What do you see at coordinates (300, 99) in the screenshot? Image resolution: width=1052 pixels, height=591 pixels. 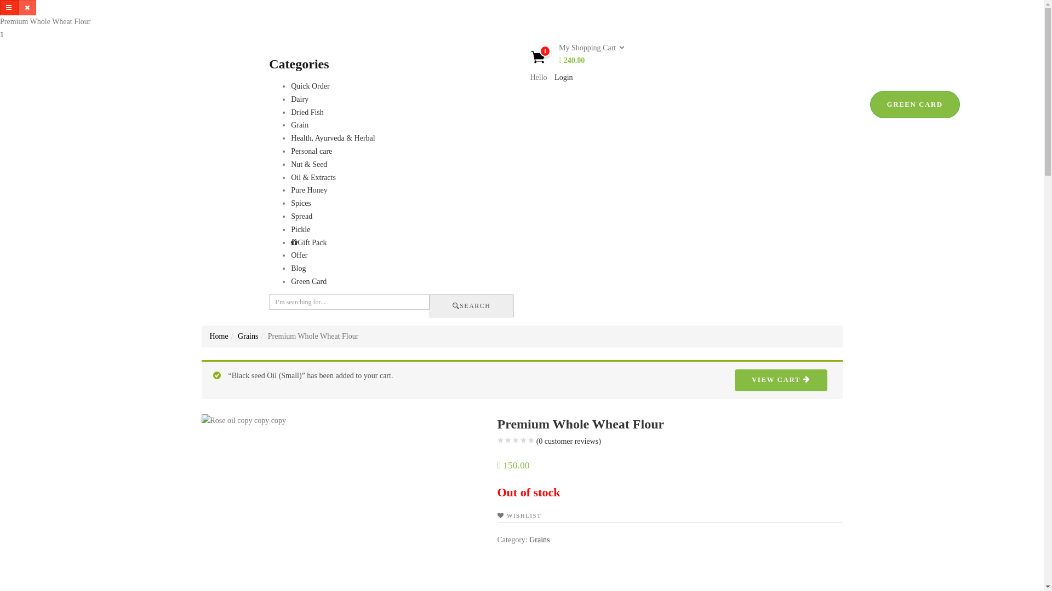 I see `'Dairy'` at bounding box center [300, 99].